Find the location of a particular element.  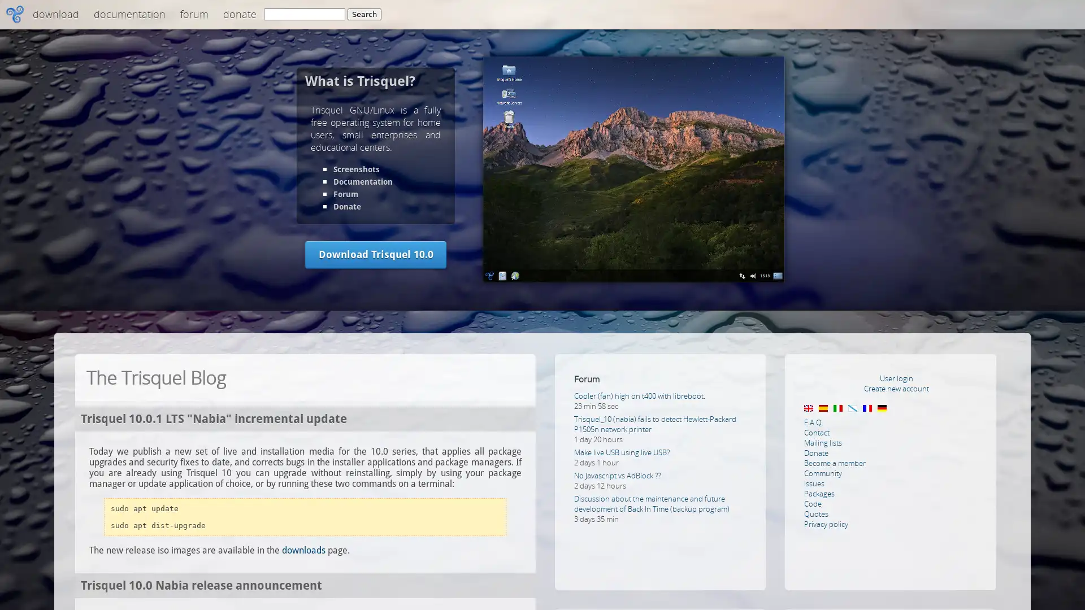

Search is located at coordinates (364, 14).